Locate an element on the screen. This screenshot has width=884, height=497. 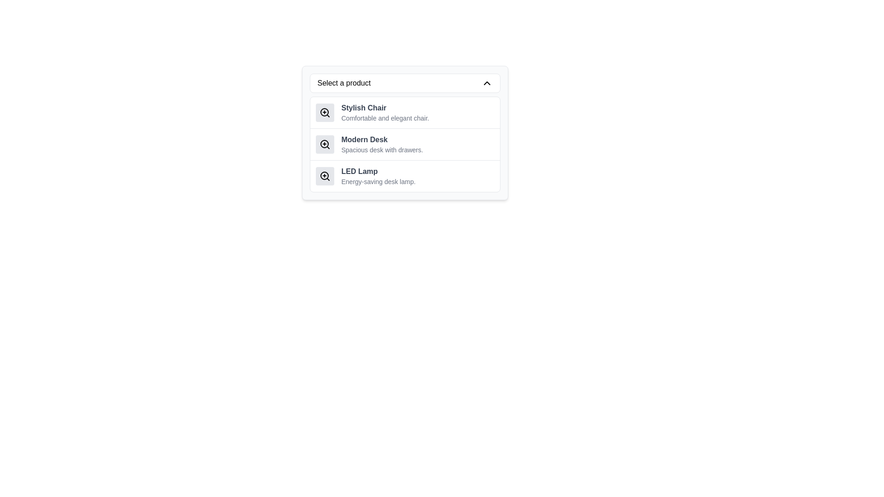
static description label for the product titled 'Modern Desk', located in the center-right part of the product selection interface is located at coordinates (382, 150).